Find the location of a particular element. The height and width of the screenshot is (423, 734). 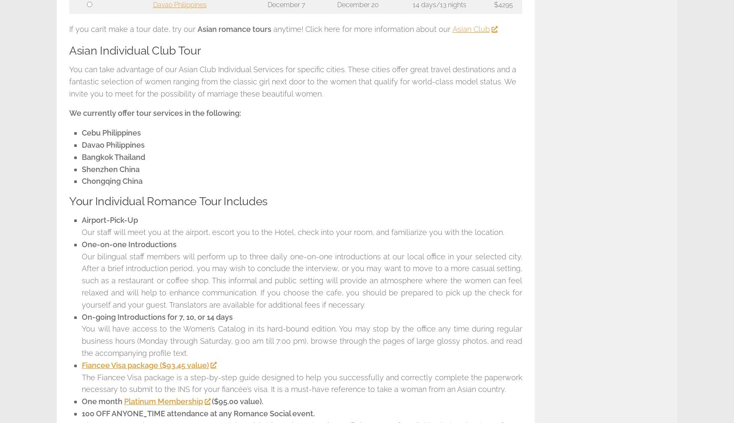

'Our staff will meet you at the airport, escort you to the Hotel, check into your room, and familiarize you with the location.' is located at coordinates (293, 232).